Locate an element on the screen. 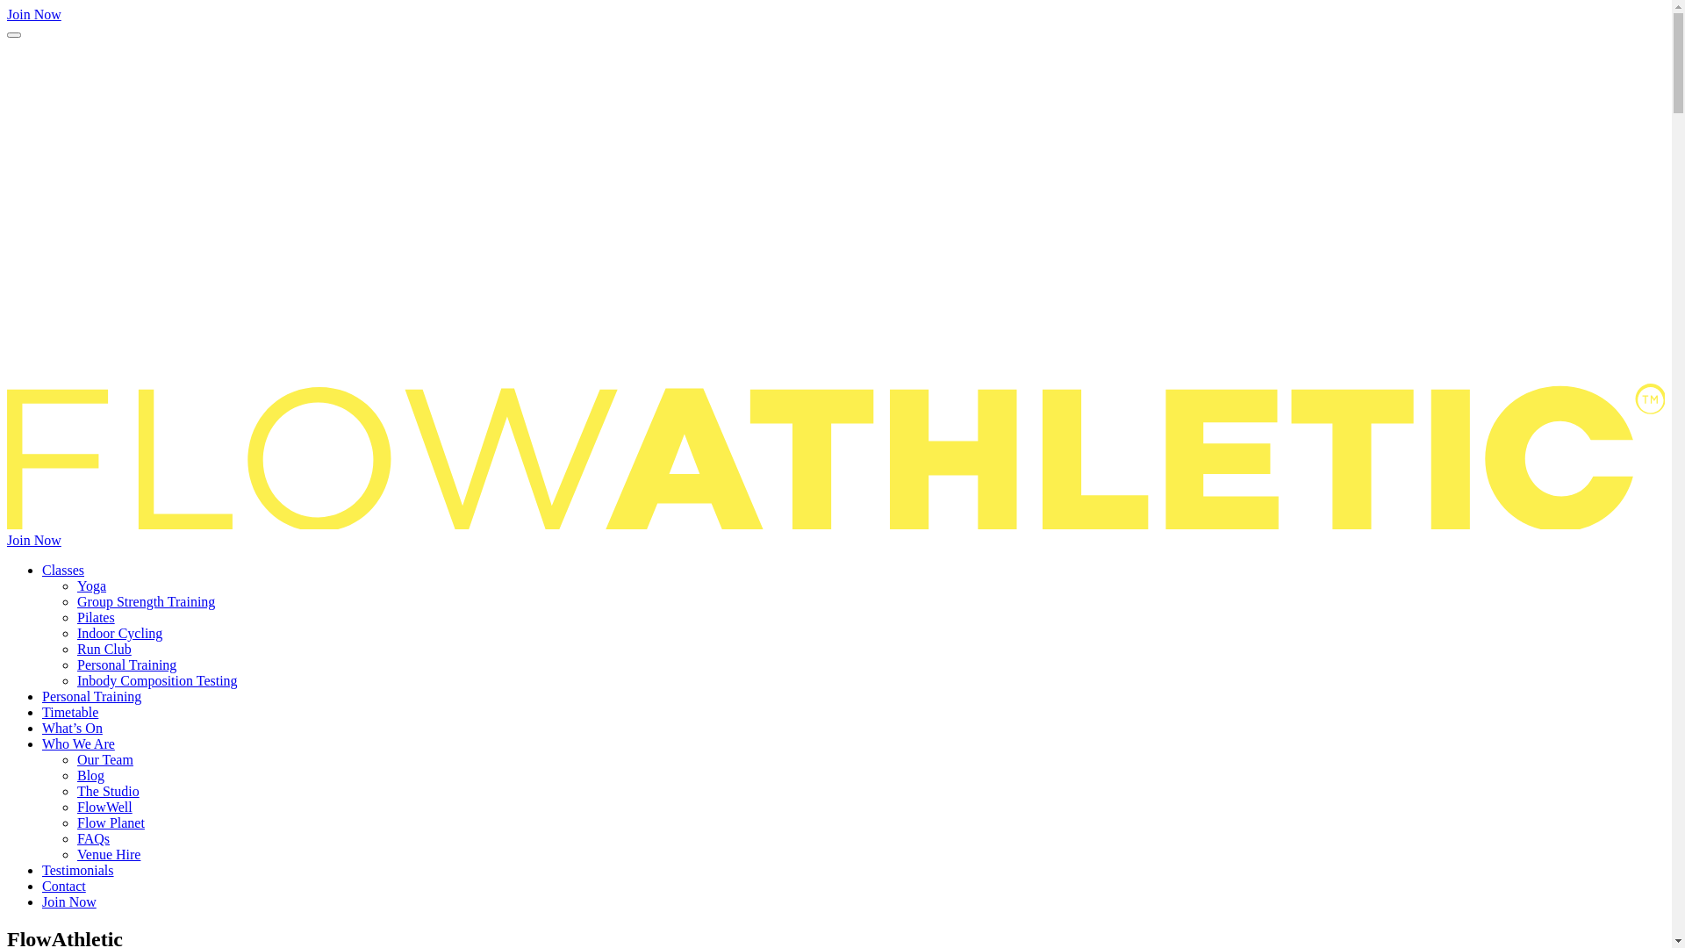 The width and height of the screenshot is (1685, 948). 'Blog' is located at coordinates (90, 774).